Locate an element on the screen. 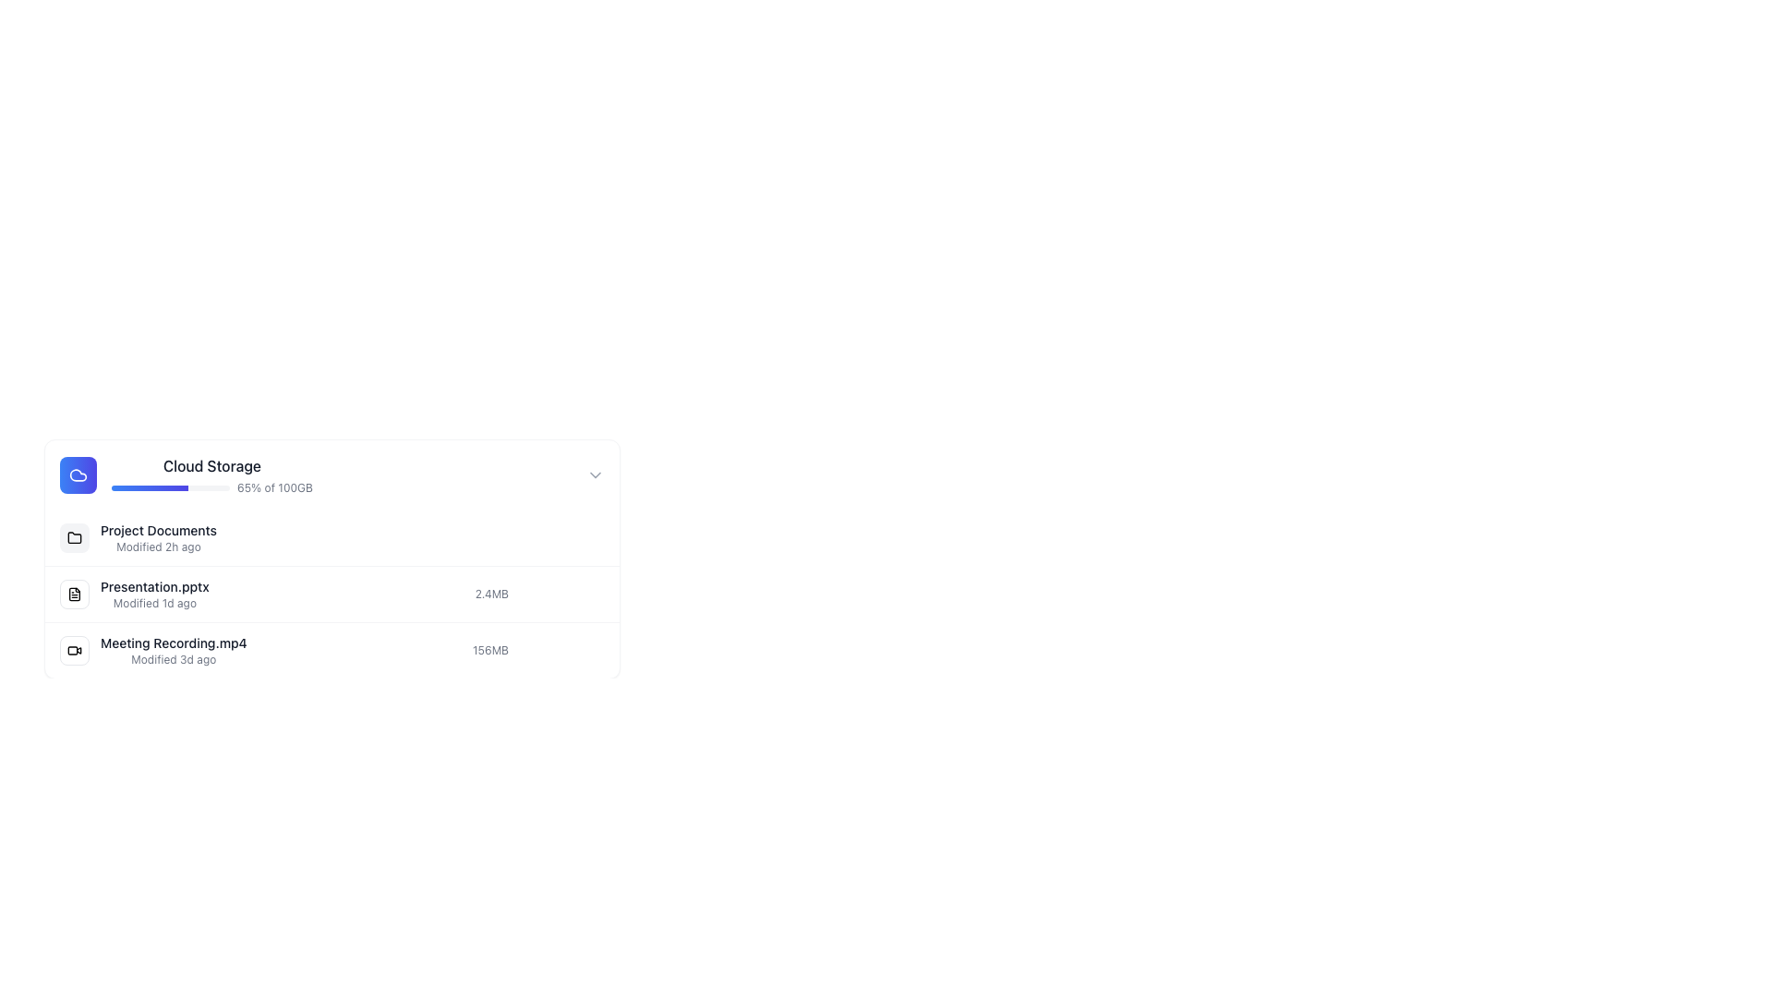 The image size is (1773, 997). the sharing button located is located at coordinates (562, 537).